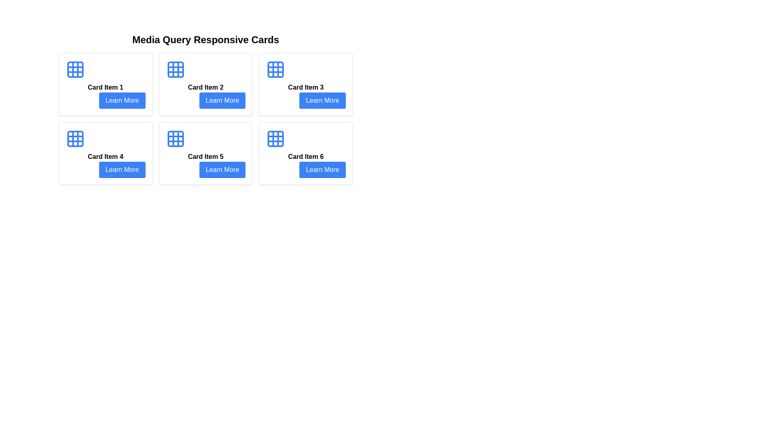 Image resolution: width=783 pixels, height=440 pixels. What do you see at coordinates (105, 154) in the screenshot?
I see `the rectangular card with a white background, rounded corners, and a blue button labeled 'Learn More' at the bottom, specifically the fourth card in a grid layout` at bounding box center [105, 154].